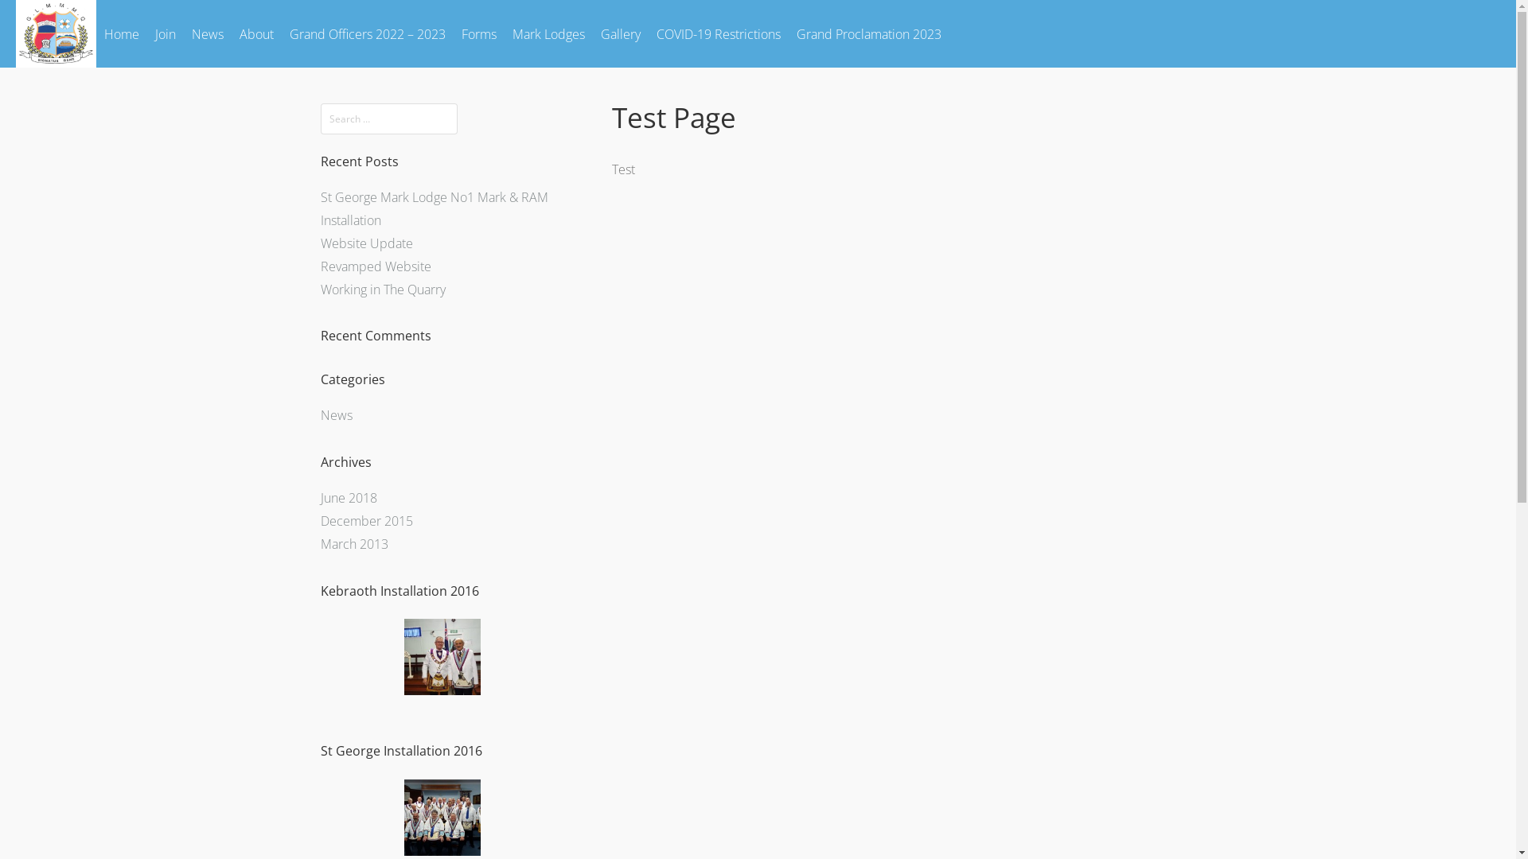 This screenshot has width=1528, height=859. I want to click on '20160206_131842 ', so click(442, 656).